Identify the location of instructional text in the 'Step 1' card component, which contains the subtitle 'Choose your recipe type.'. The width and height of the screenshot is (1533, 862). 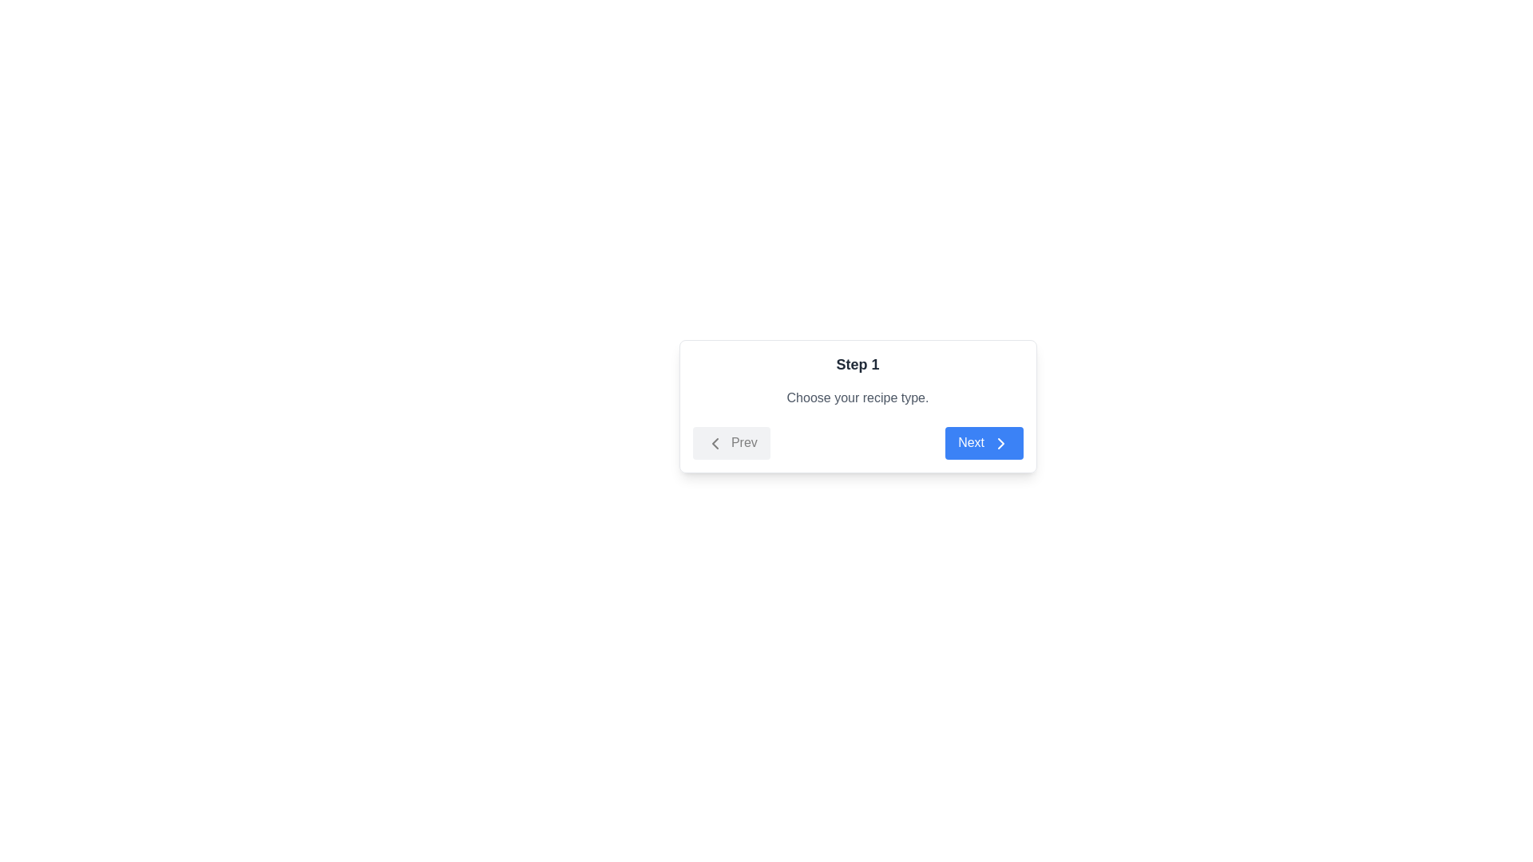
(857, 405).